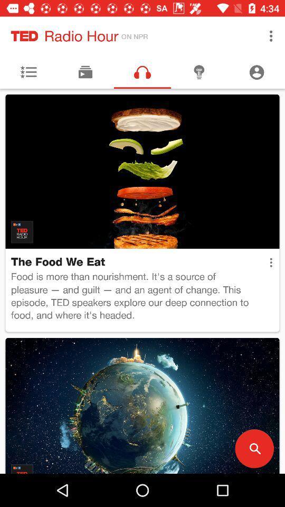  Describe the element at coordinates (271, 36) in the screenshot. I see `icon to the right of the on npr icon` at that location.